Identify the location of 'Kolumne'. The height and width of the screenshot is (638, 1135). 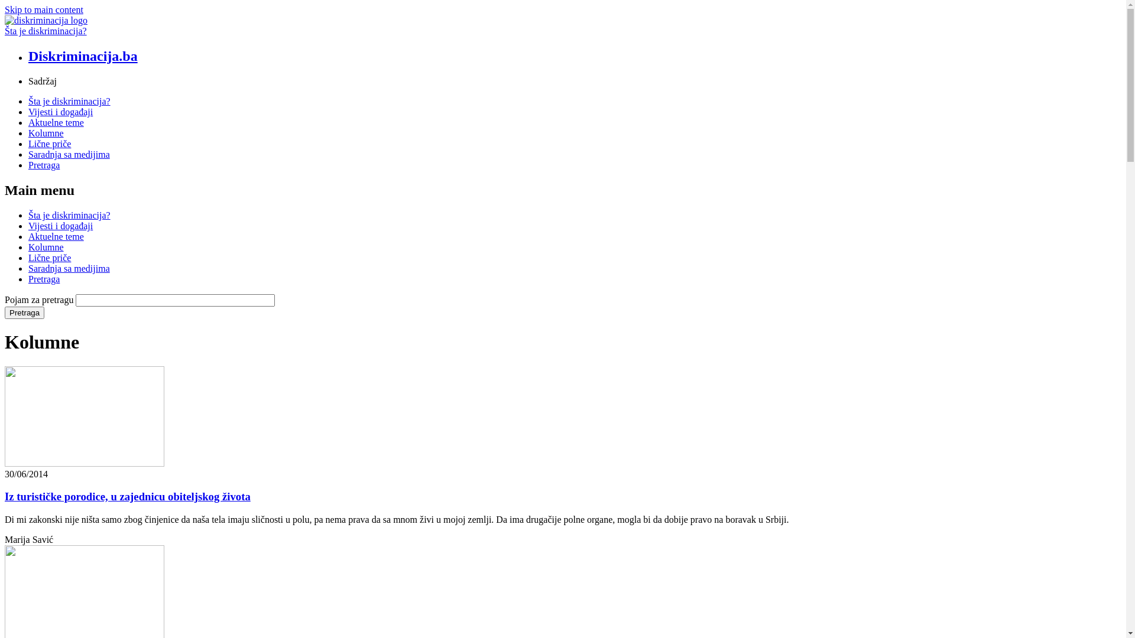
(28, 133).